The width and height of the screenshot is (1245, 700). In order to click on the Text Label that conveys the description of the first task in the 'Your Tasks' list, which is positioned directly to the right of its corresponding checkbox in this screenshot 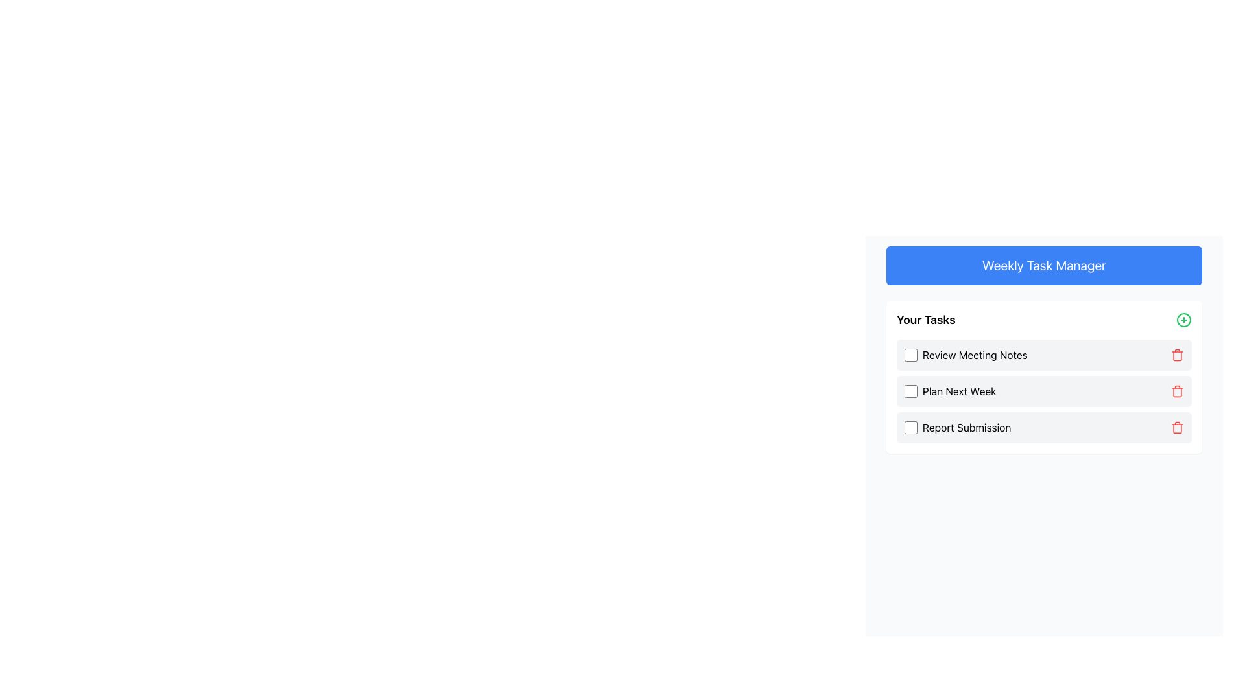, I will do `click(975, 355)`.